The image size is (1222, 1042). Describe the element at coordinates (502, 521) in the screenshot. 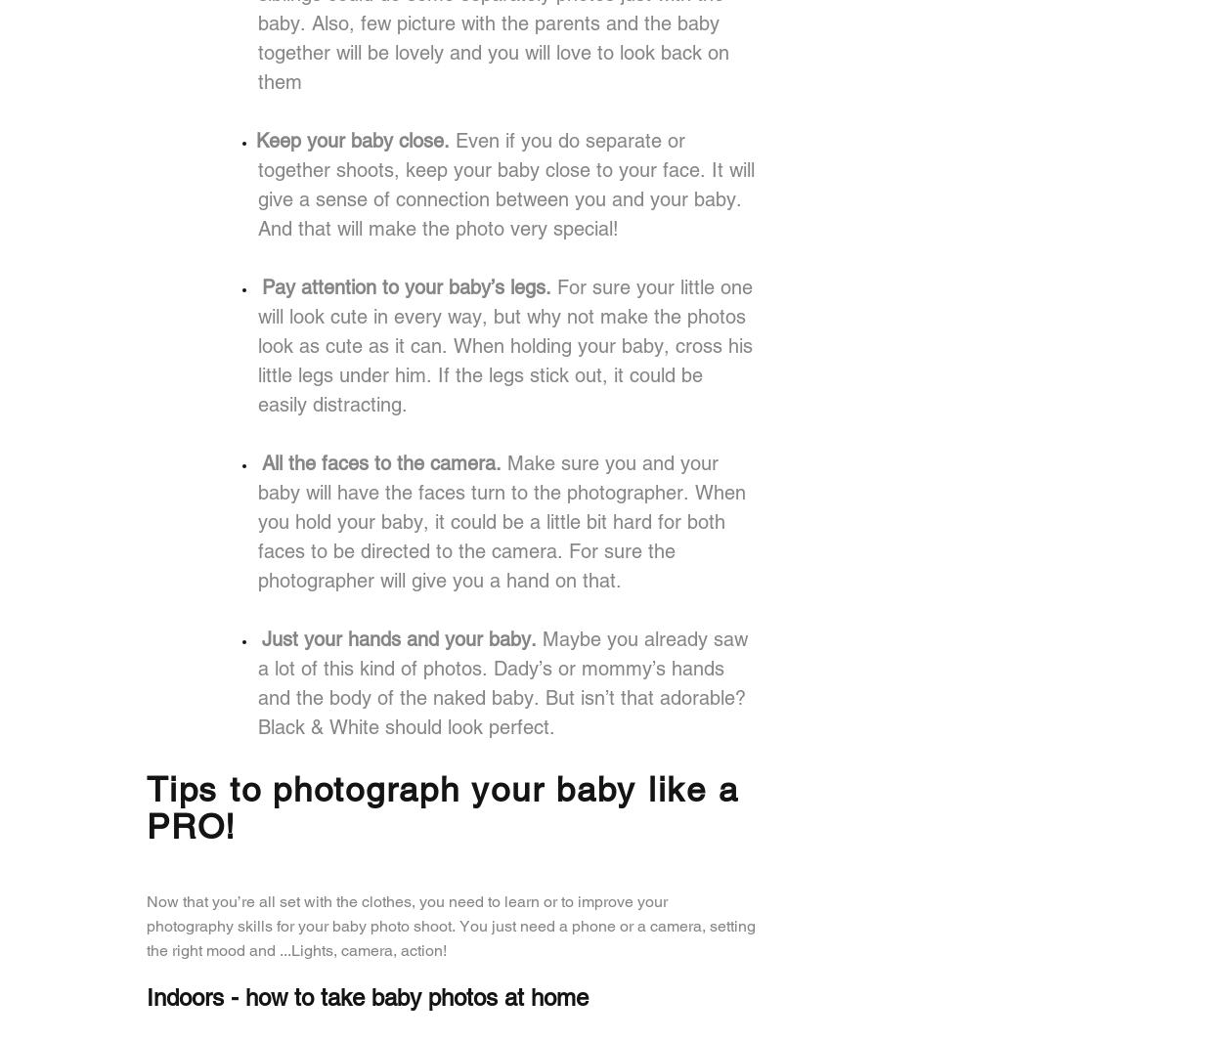

I see `'Make sure you and your baby will have the faces turn to the photographer. When you hold your baby, it could be a little bit hard for both faces to be directed to the camera. For sure the photographer will give you a hand on that.'` at that location.